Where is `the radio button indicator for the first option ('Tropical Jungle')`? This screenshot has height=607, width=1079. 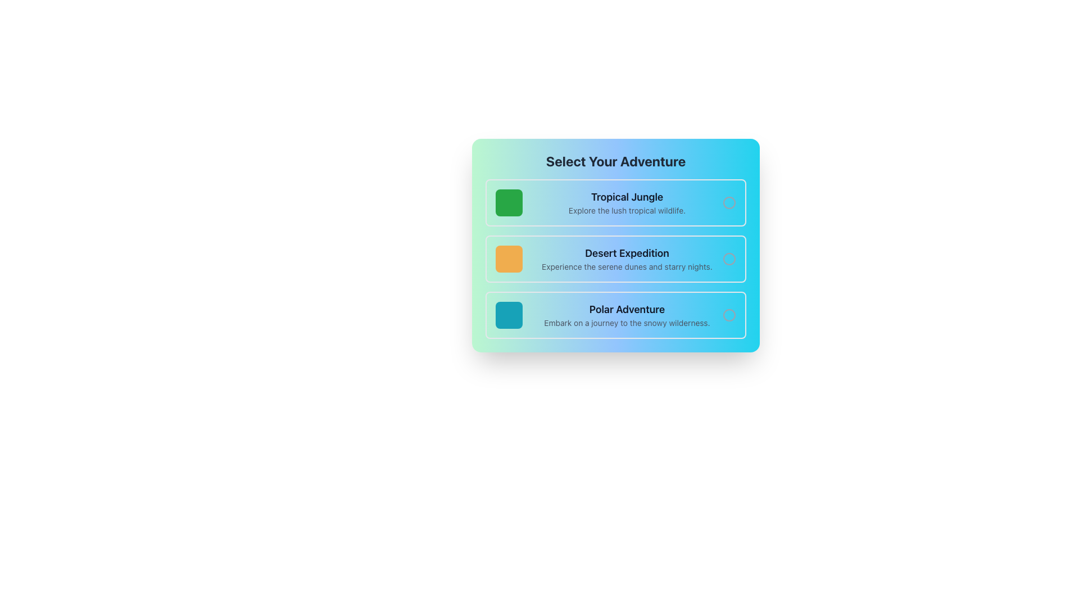 the radio button indicator for the first option ('Tropical Jungle') is located at coordinates (729, 203).